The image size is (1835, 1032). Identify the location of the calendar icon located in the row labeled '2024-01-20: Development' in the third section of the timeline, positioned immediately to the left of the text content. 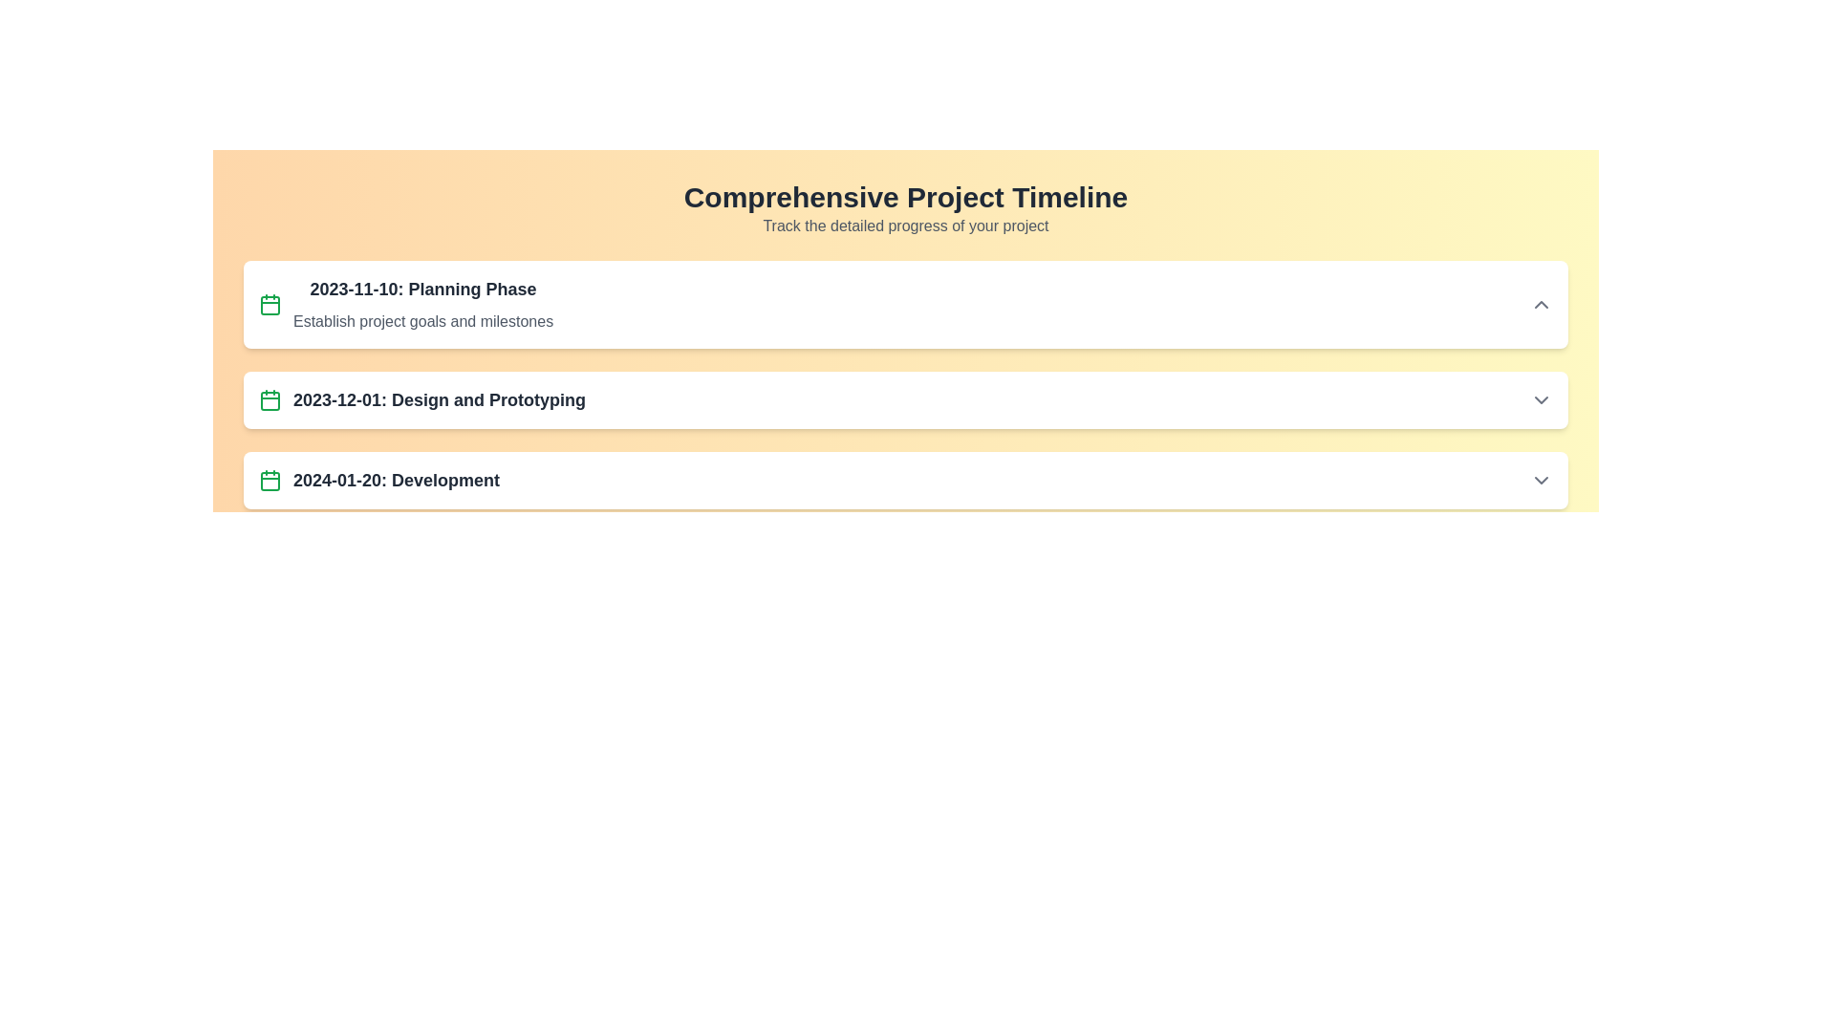
(270, 479).